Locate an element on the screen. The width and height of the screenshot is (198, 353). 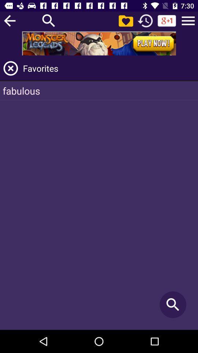
the app above favorites is located at coordinates (99, 43).